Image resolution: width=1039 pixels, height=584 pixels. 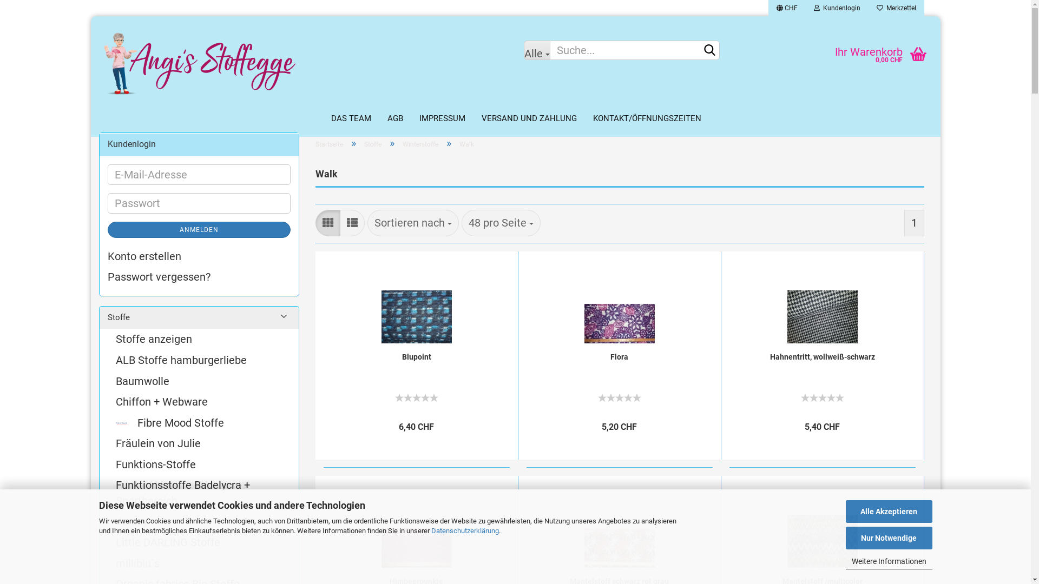 I want to click on 'VERSAND UND ZAHLUNG', so click(x=529, y=118).